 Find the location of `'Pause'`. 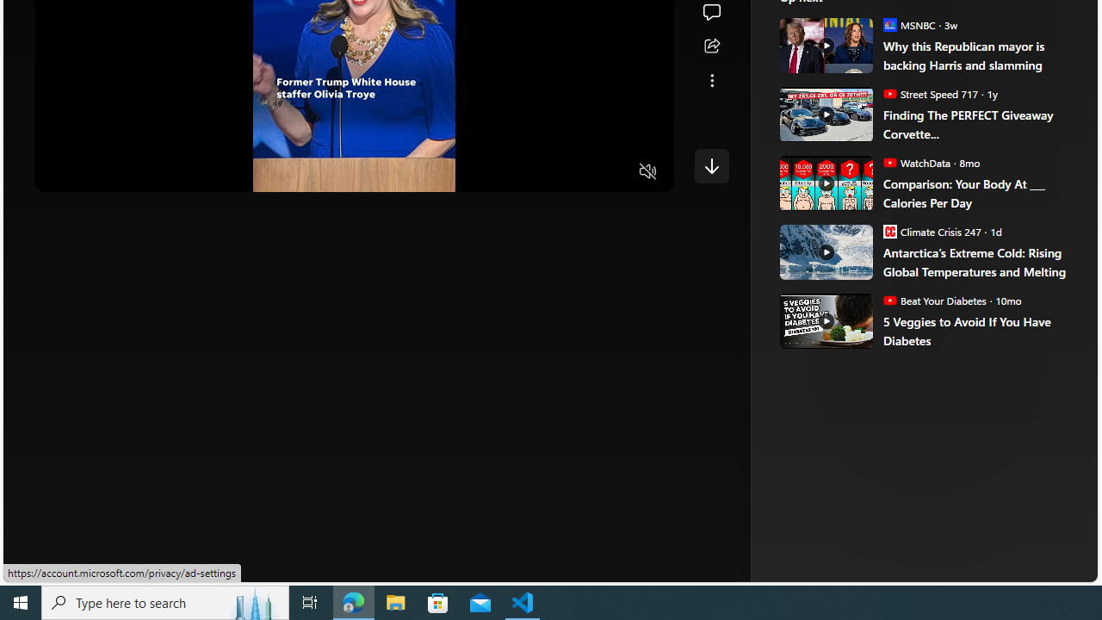

'Pause' is located at coordinates (59, 172).